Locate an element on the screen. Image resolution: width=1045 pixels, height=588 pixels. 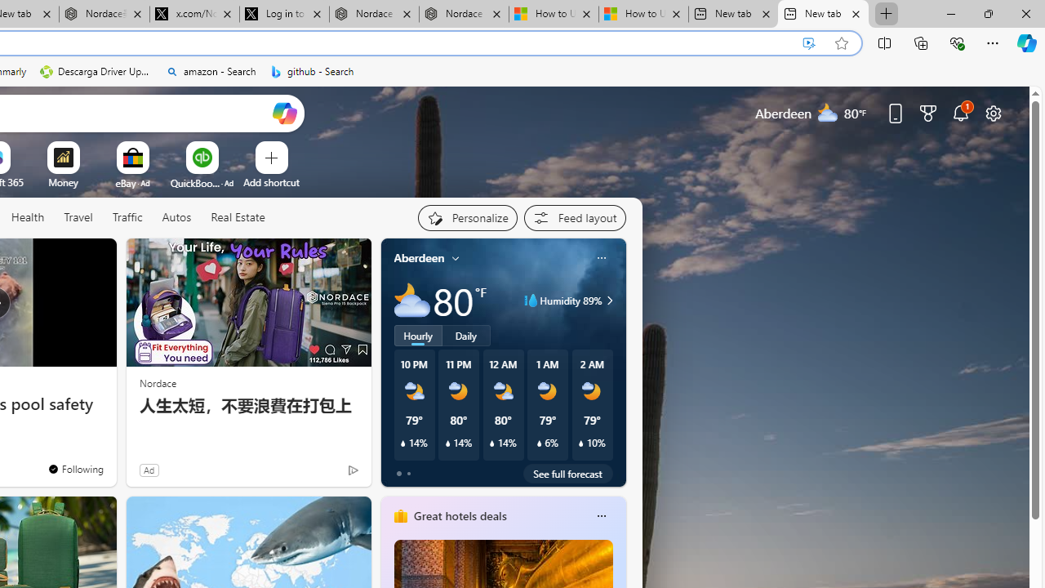
'Add a site' is located at coordinates (271, 182).